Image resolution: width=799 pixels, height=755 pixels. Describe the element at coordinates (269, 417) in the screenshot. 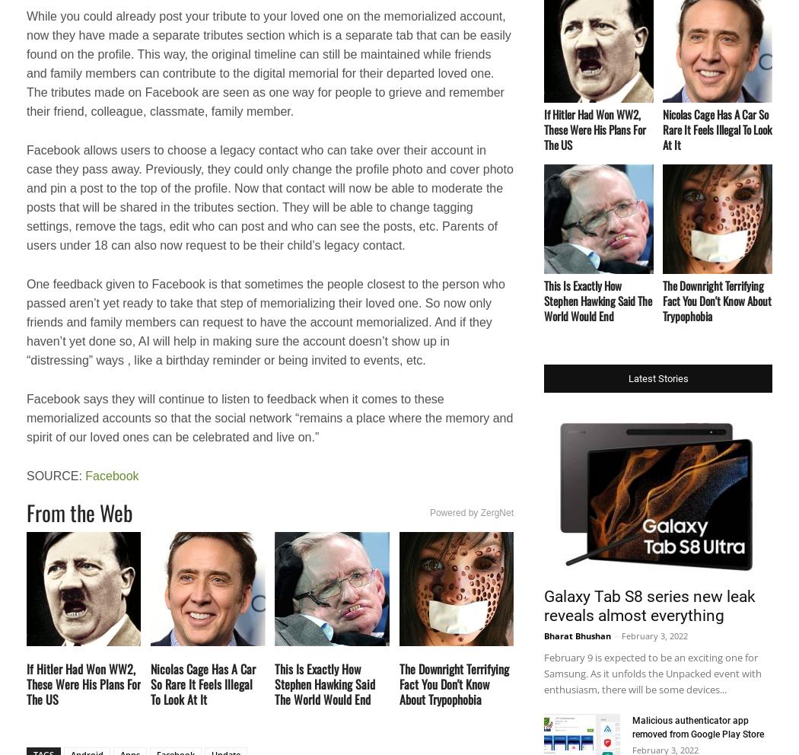

I see `'Facebook says they will continue to listen to feedback when it comes to these memorialized accounts so that the social network “remains a place where the memory and spirit of our loved ones can be celebrated and live on.”'` at that location.